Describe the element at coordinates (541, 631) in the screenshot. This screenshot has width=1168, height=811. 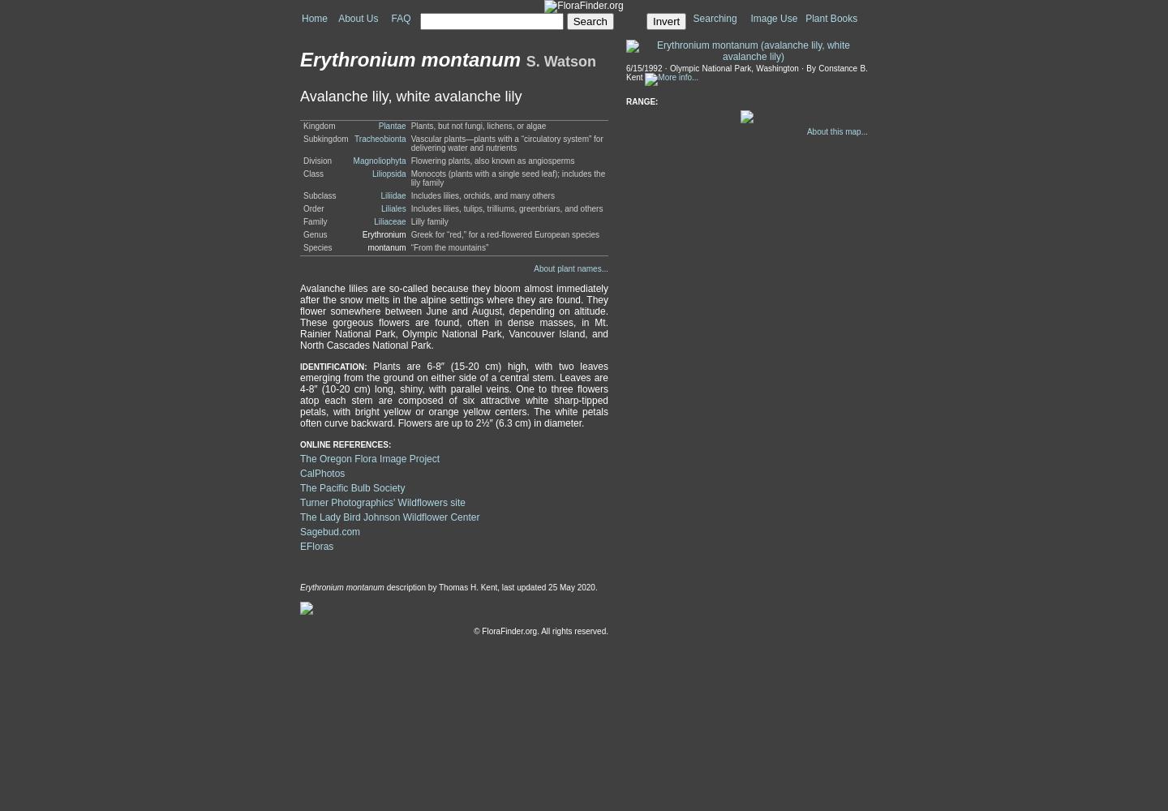
I see `'© FloraFinder.org. All rights reserved.'` at that location.